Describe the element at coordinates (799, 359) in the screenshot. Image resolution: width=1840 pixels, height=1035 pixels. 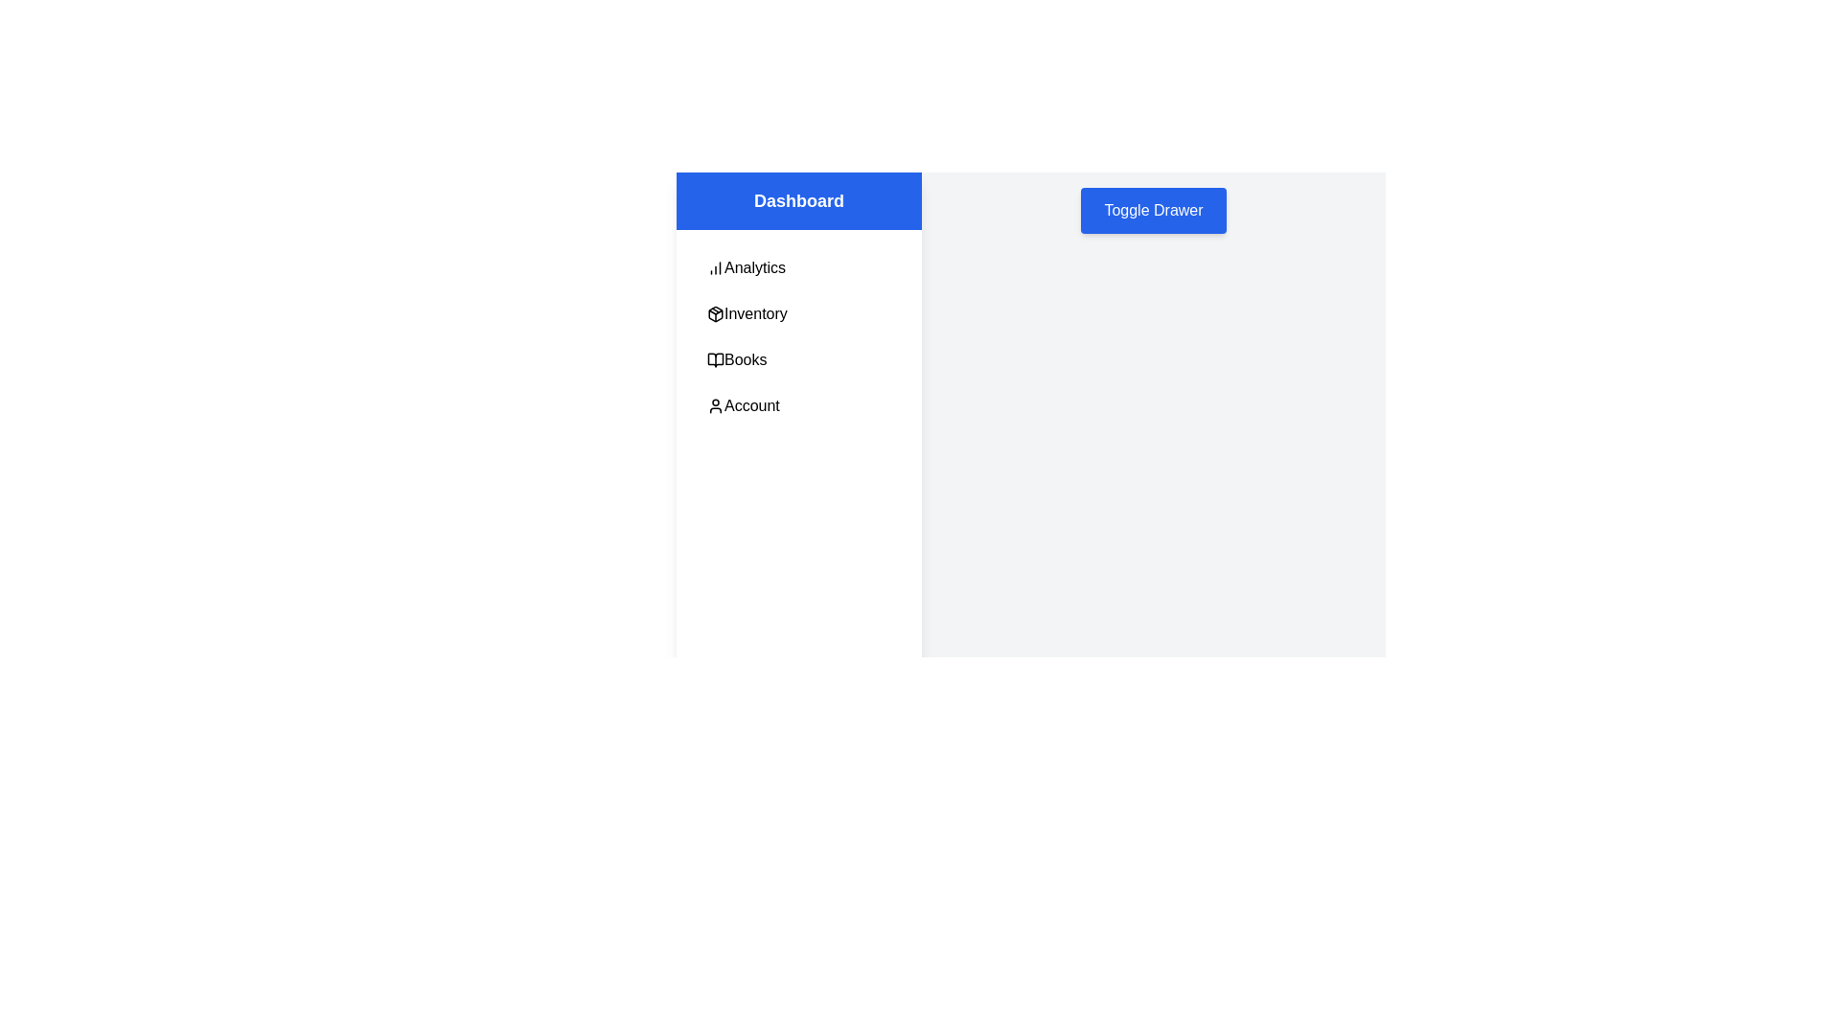
I see `the menu item Books to observe the hover effect` at that location.